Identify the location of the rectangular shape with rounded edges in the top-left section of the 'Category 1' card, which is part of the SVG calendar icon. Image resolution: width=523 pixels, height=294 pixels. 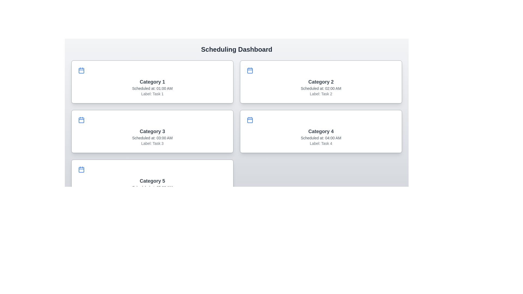
(81, 70).